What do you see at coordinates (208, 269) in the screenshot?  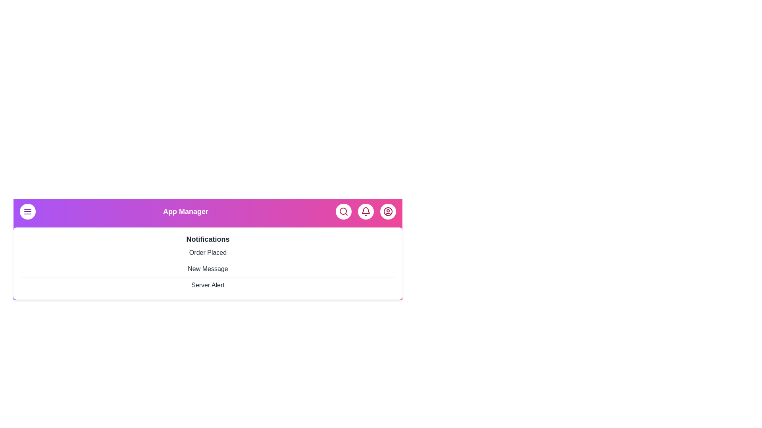 I see `the notification item New Message from the list` at bounding box center [208, 269].